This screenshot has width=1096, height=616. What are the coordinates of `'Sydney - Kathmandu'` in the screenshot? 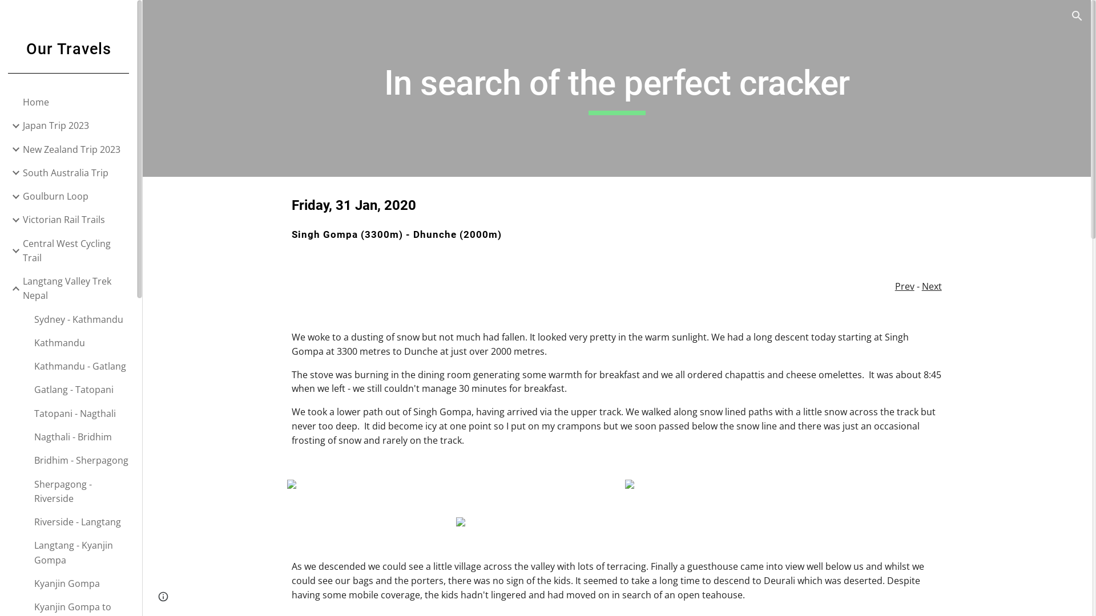 It's located at (80, 319).